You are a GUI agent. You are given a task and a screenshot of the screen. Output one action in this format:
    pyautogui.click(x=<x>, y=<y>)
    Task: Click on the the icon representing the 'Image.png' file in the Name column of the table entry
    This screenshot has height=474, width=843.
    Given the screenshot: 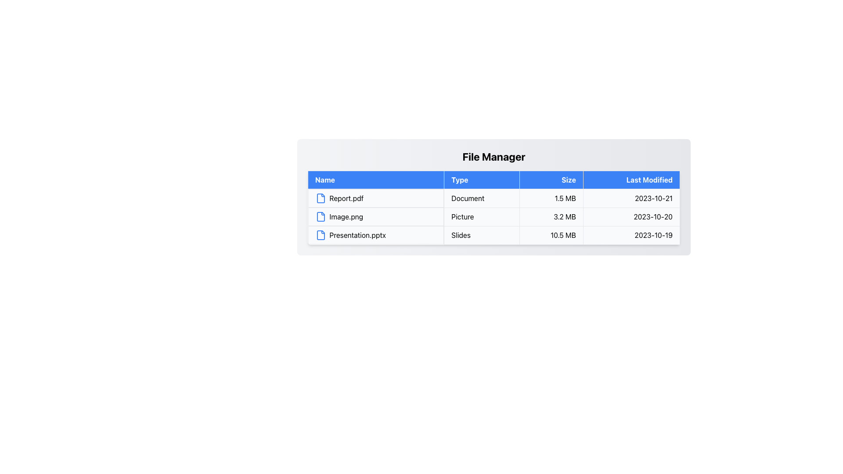 What is the action you would take?
    pyautogui.click(x=320, y=216)
    